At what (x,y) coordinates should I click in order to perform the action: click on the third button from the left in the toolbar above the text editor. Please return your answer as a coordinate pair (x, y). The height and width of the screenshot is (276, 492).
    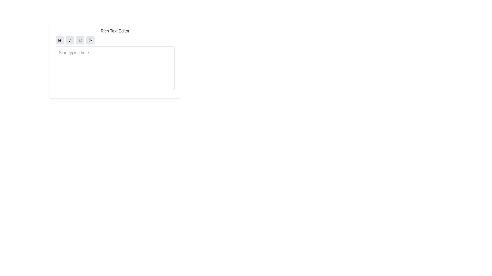
    Looking at the image, I should click on (80, 40).